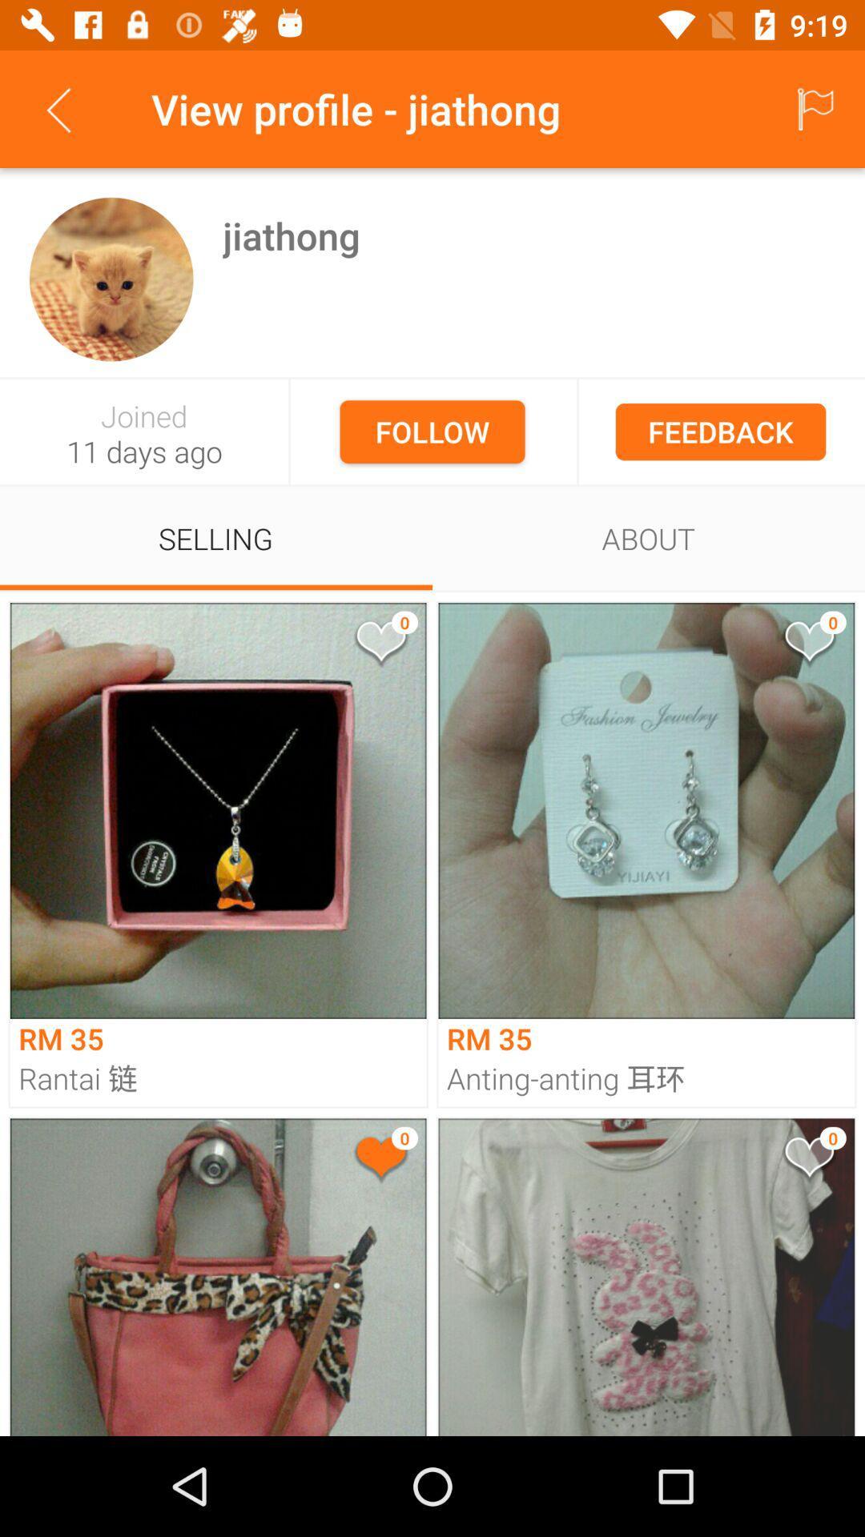  I want to click on icon next to the jiathong icon, so click(111, 279).